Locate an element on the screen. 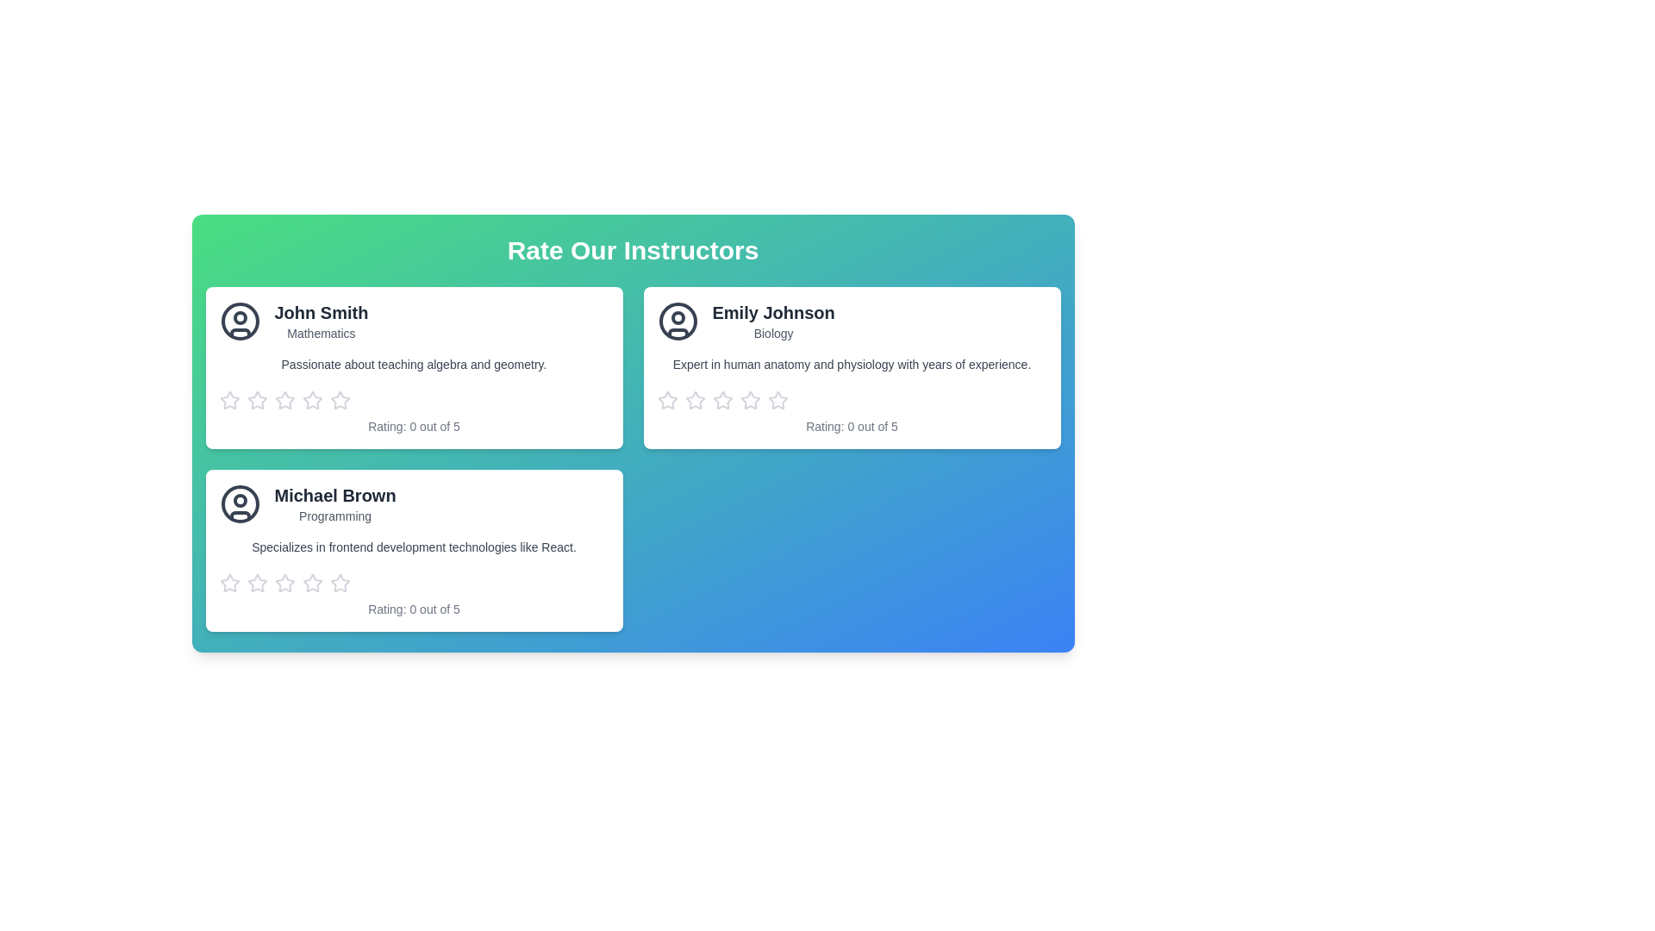  the second star icon in the rating system for 'Emily Johnson' is located at coordinates (750, 400).